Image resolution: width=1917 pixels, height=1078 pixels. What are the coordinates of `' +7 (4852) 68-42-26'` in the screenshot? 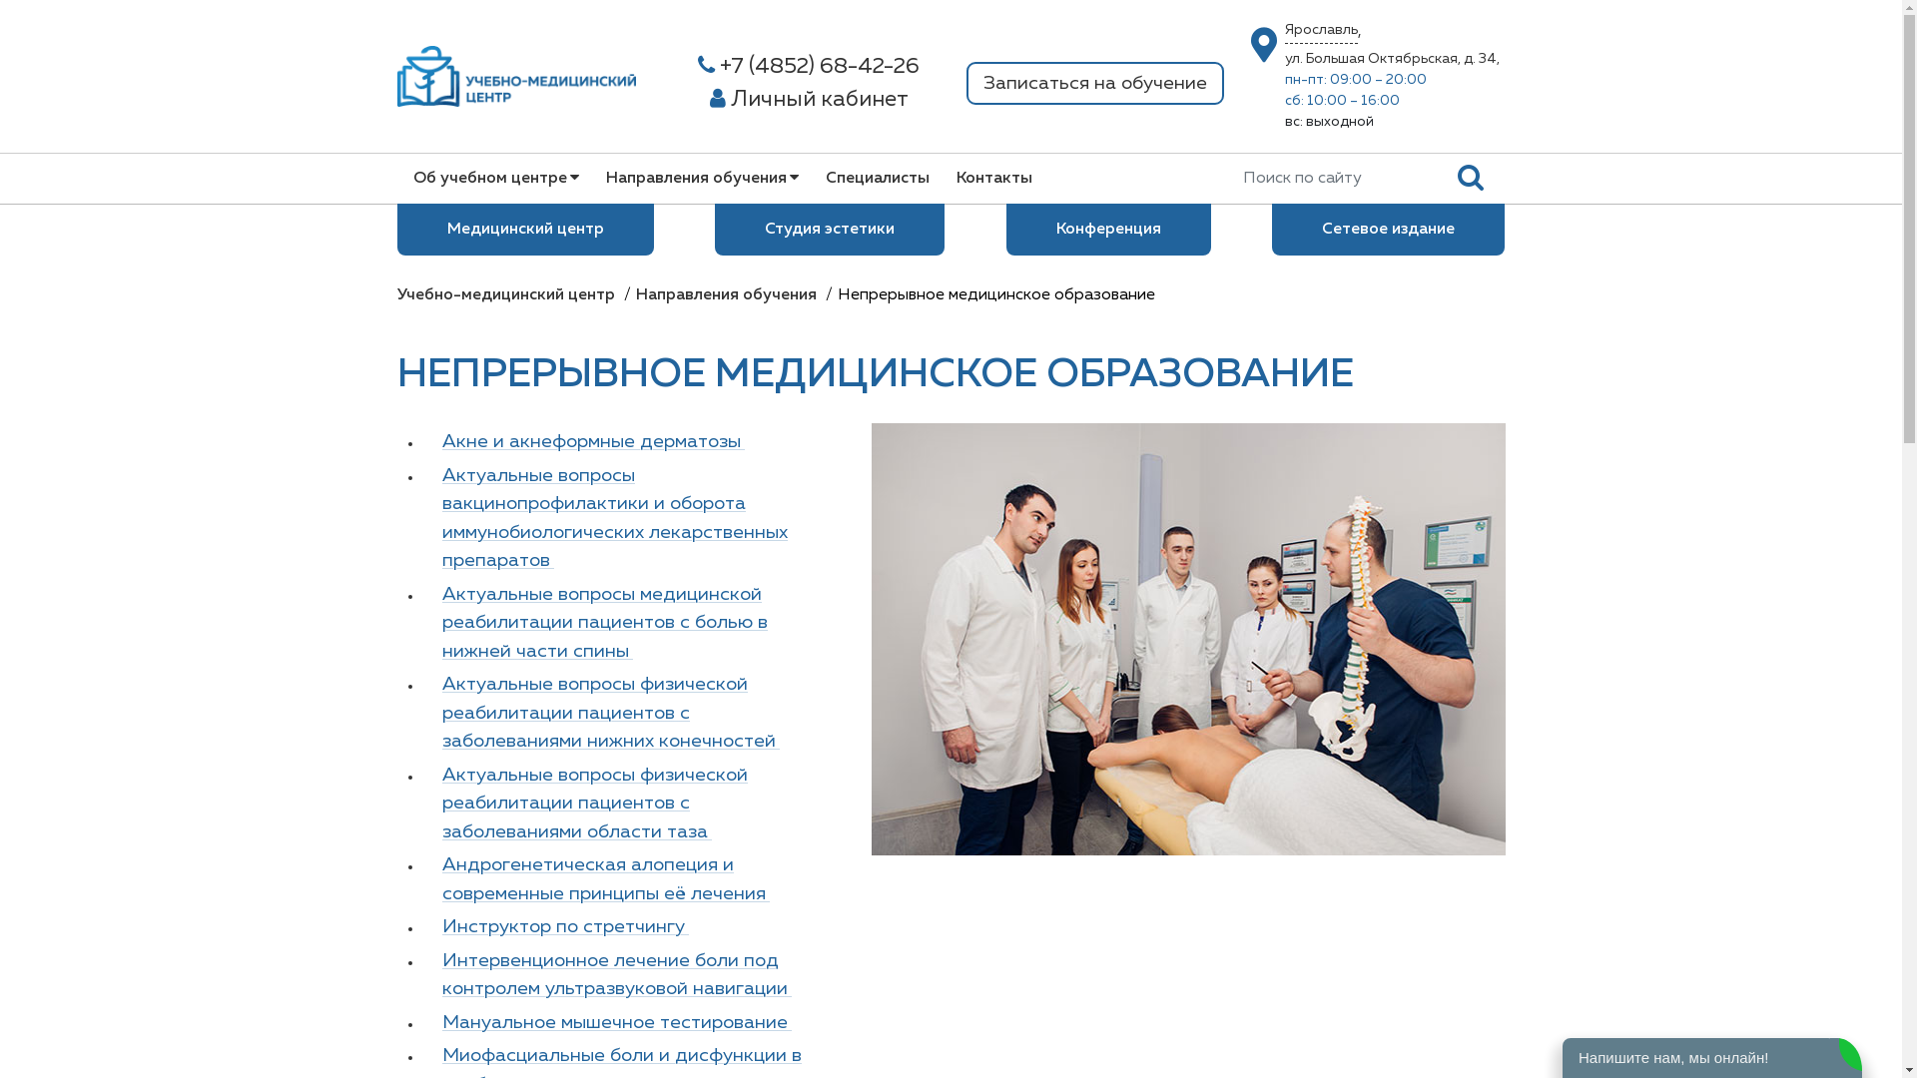 It's located at (808, 66).